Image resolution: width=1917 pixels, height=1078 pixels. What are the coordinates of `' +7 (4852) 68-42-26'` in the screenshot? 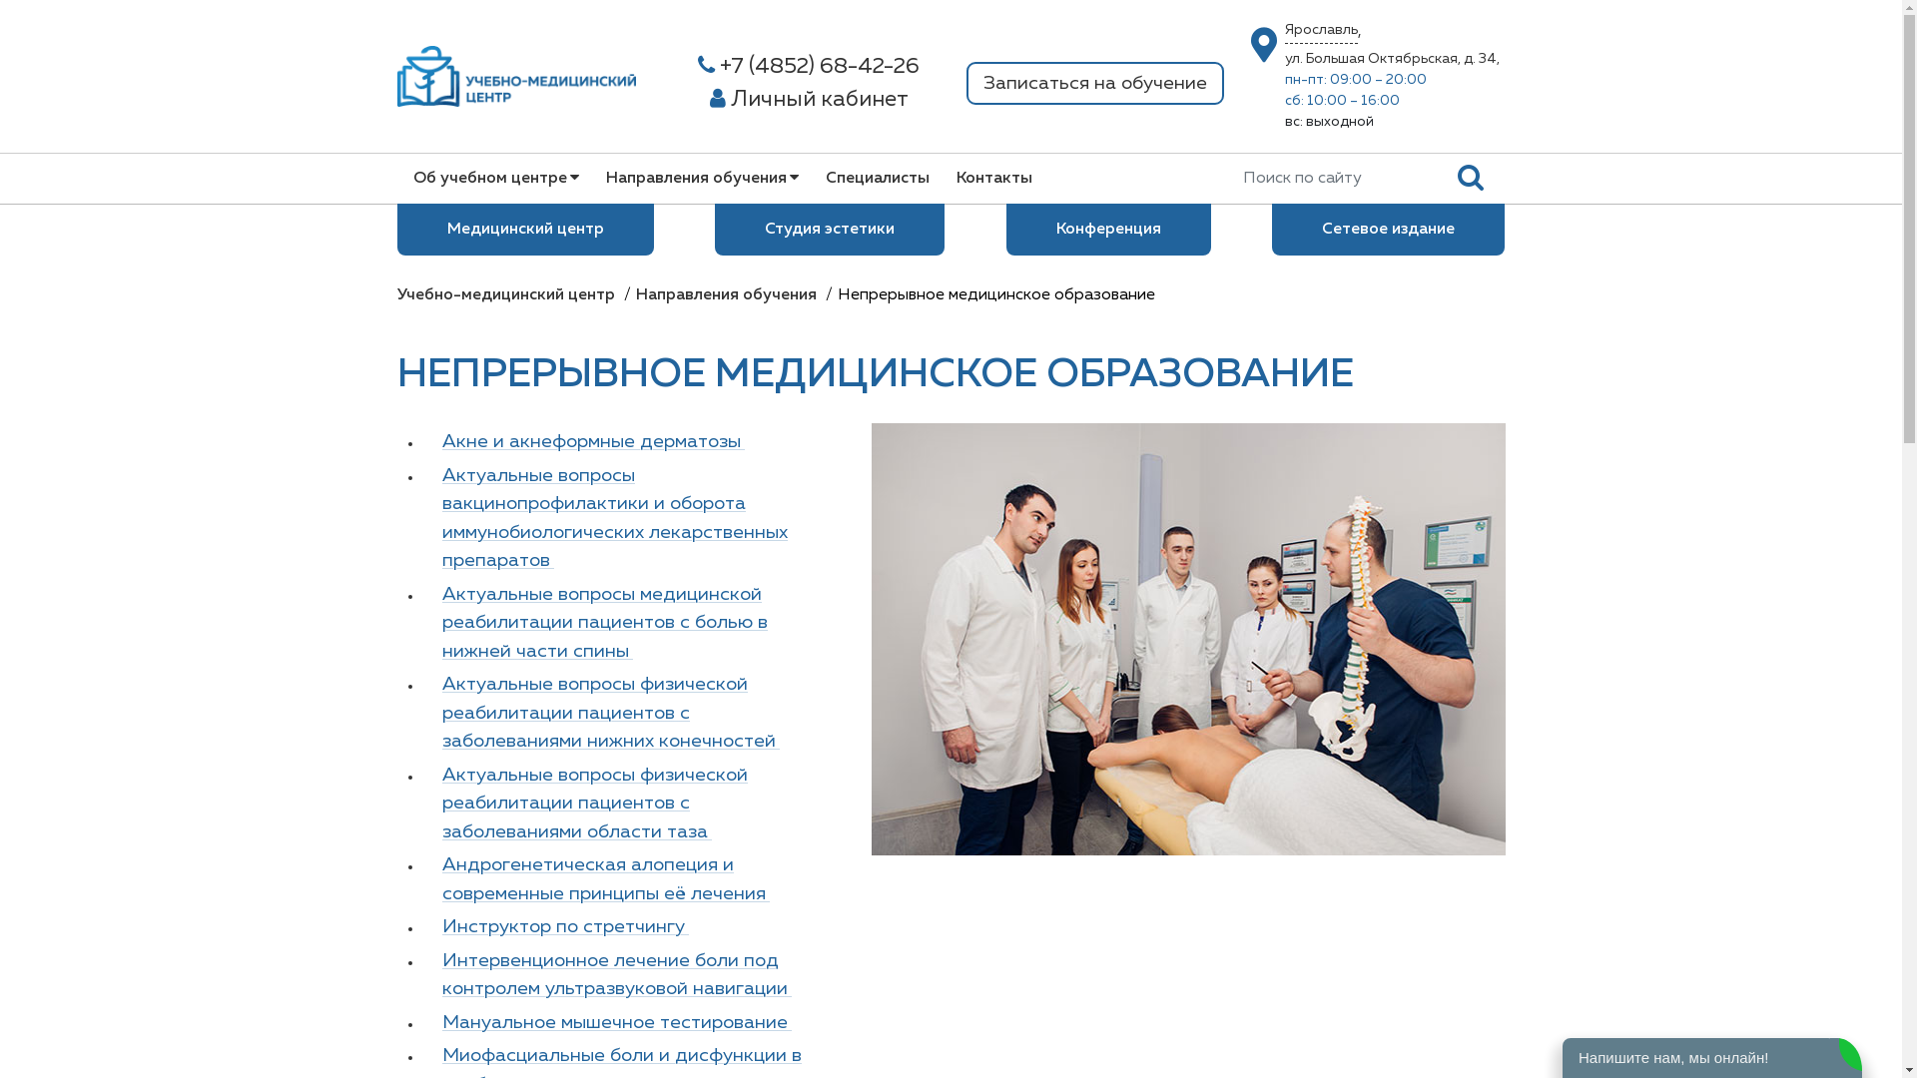 It's located at (808, 66).